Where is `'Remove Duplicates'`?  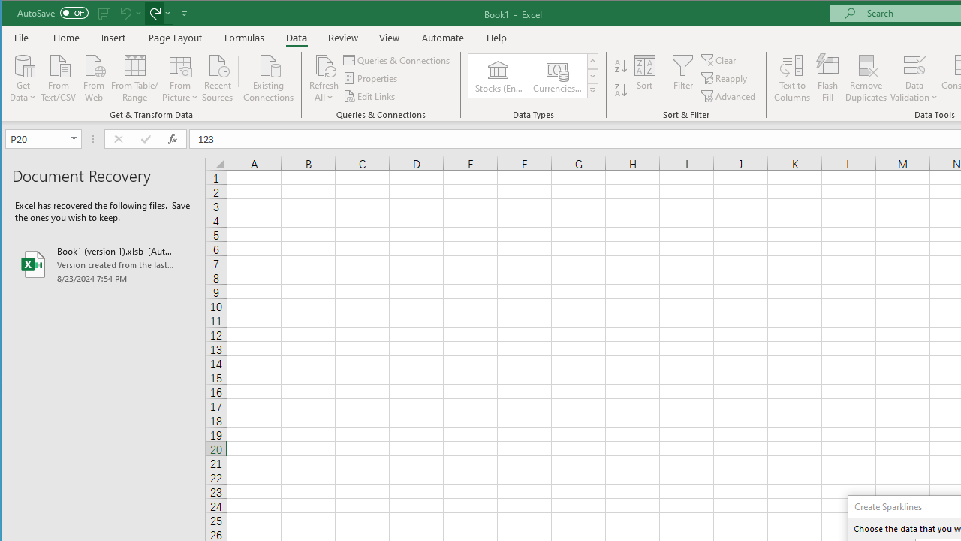
'Remove Duplicates' is located at coordinates (866, 78).